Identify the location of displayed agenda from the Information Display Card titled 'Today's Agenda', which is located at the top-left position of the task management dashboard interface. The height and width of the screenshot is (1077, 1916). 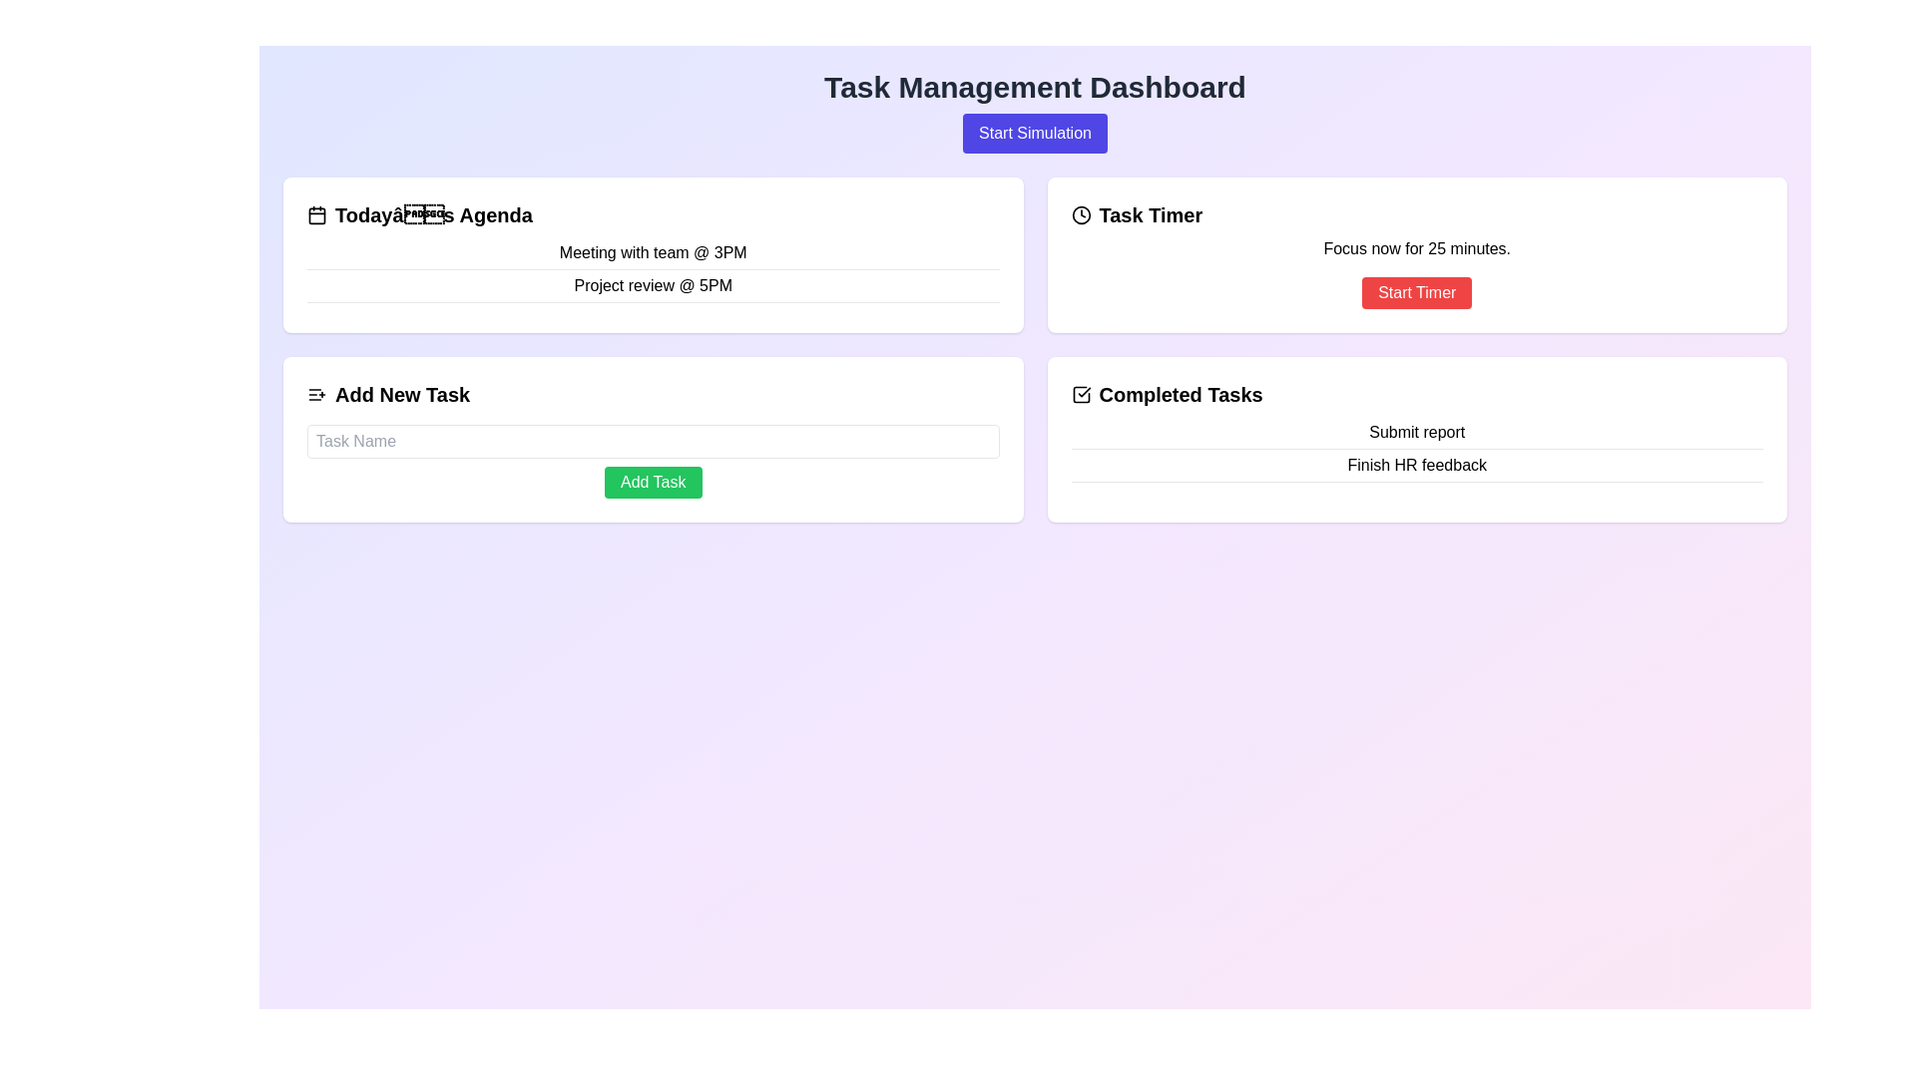
(653, 253).